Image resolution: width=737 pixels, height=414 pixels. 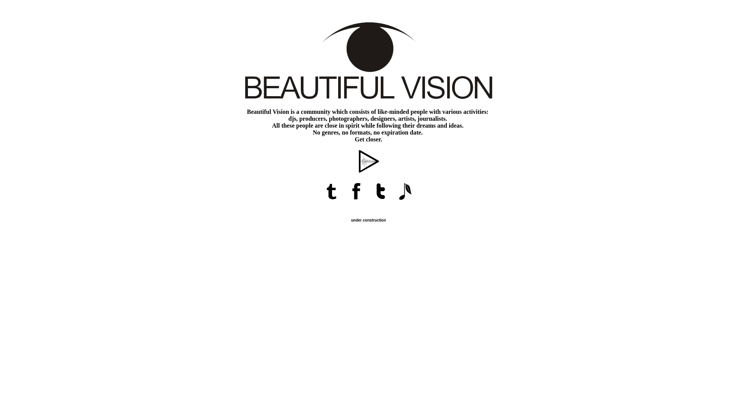 I want to click on 'Beautiful Vision on Facebook', so click(x=355, y=200).